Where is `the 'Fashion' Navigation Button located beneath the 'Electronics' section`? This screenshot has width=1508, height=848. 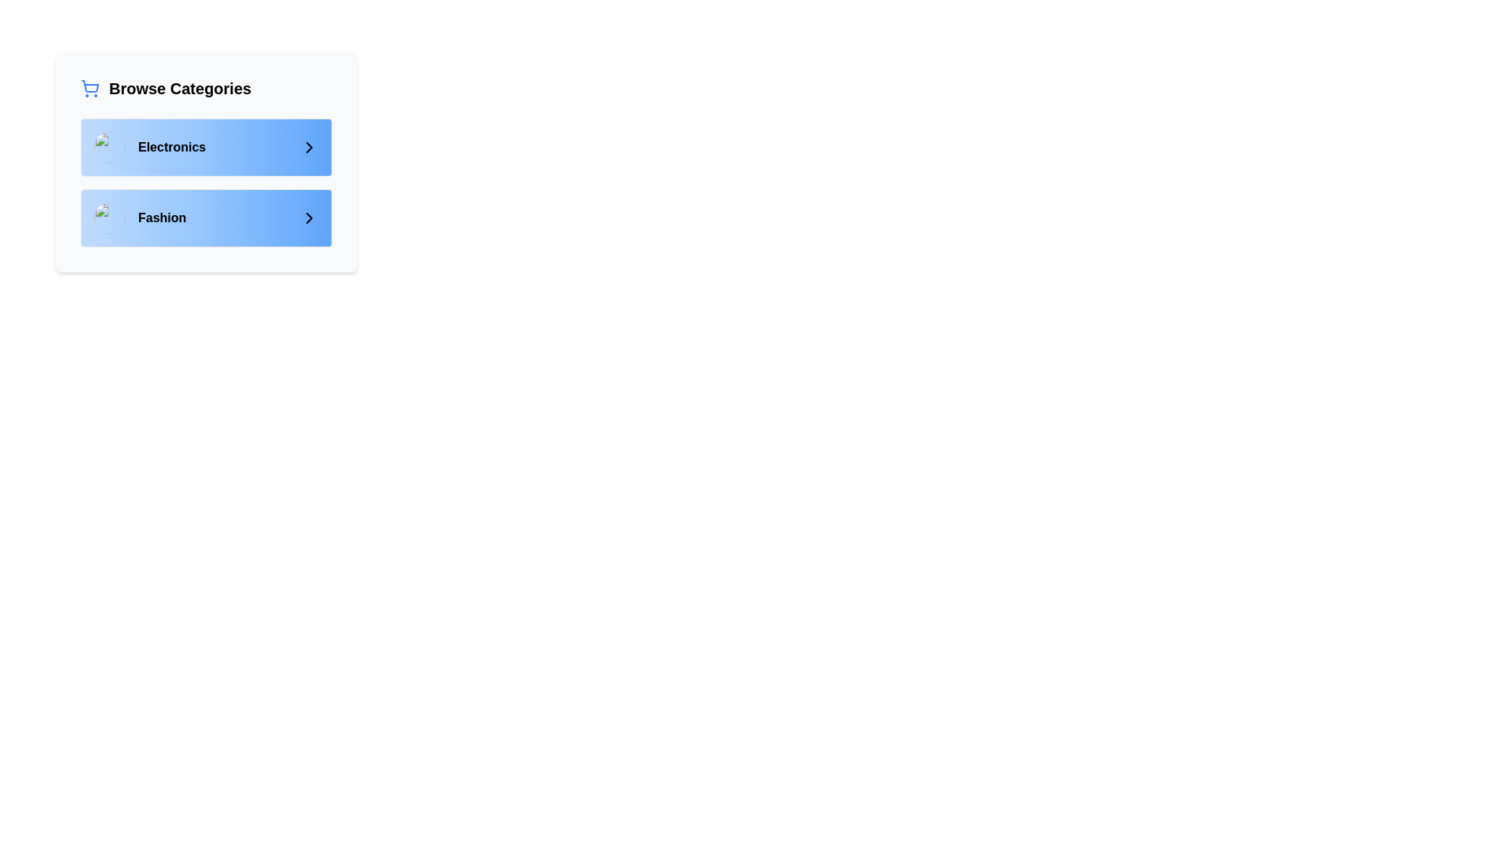
the 'Fashion' Navigation Button located beneath the 'Electronics' section is located at coordinates (206, 217).